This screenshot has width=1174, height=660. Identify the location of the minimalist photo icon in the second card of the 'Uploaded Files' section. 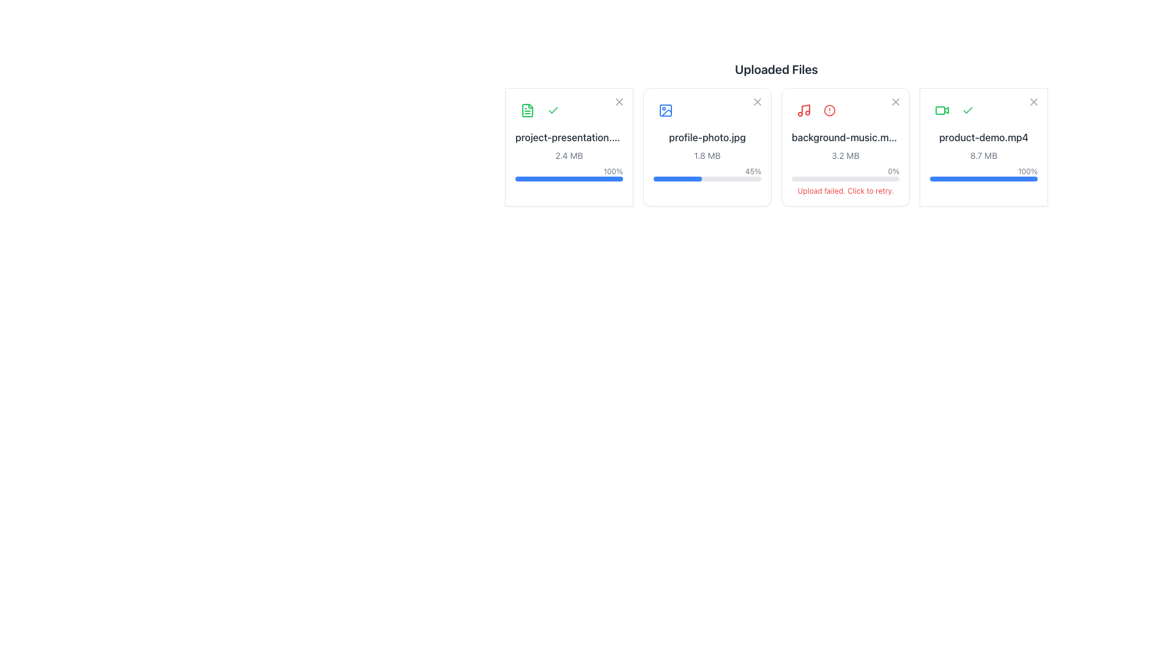
(665, 111).